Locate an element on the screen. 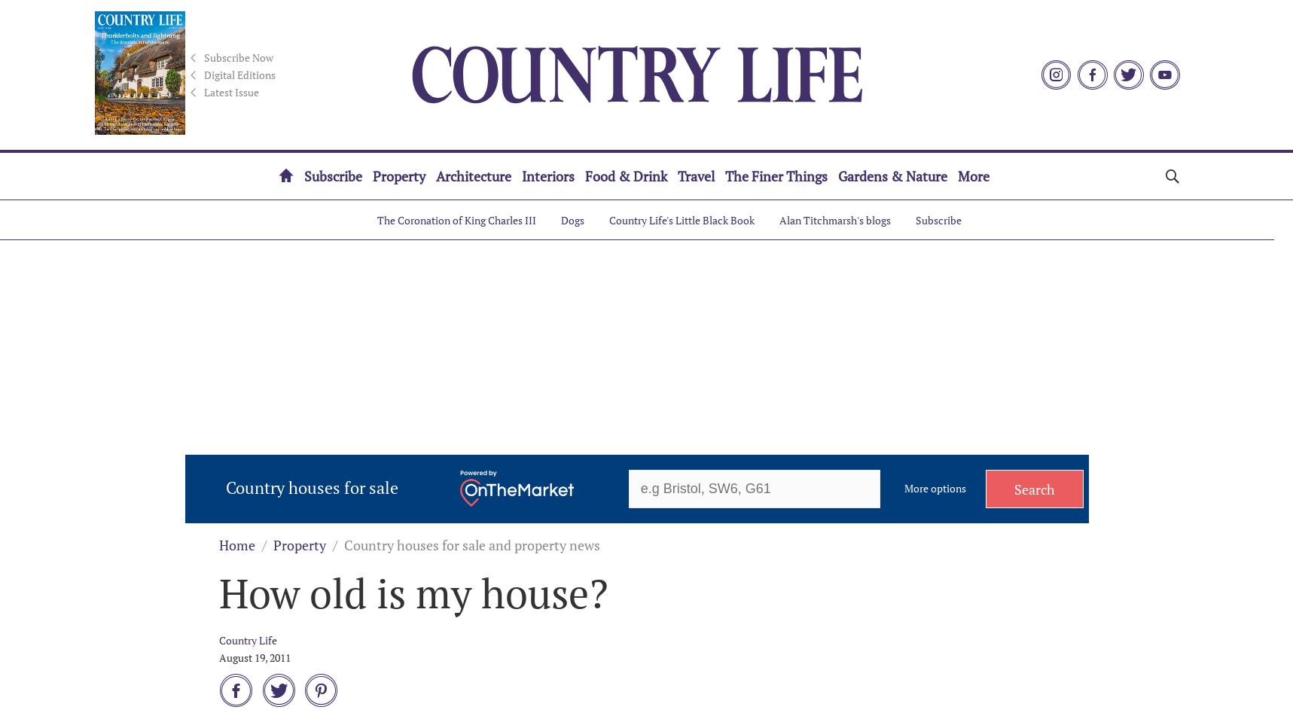 This screenshot has height=716, width=1293. 'How old is my house?' is located at coordinates (413, 592).